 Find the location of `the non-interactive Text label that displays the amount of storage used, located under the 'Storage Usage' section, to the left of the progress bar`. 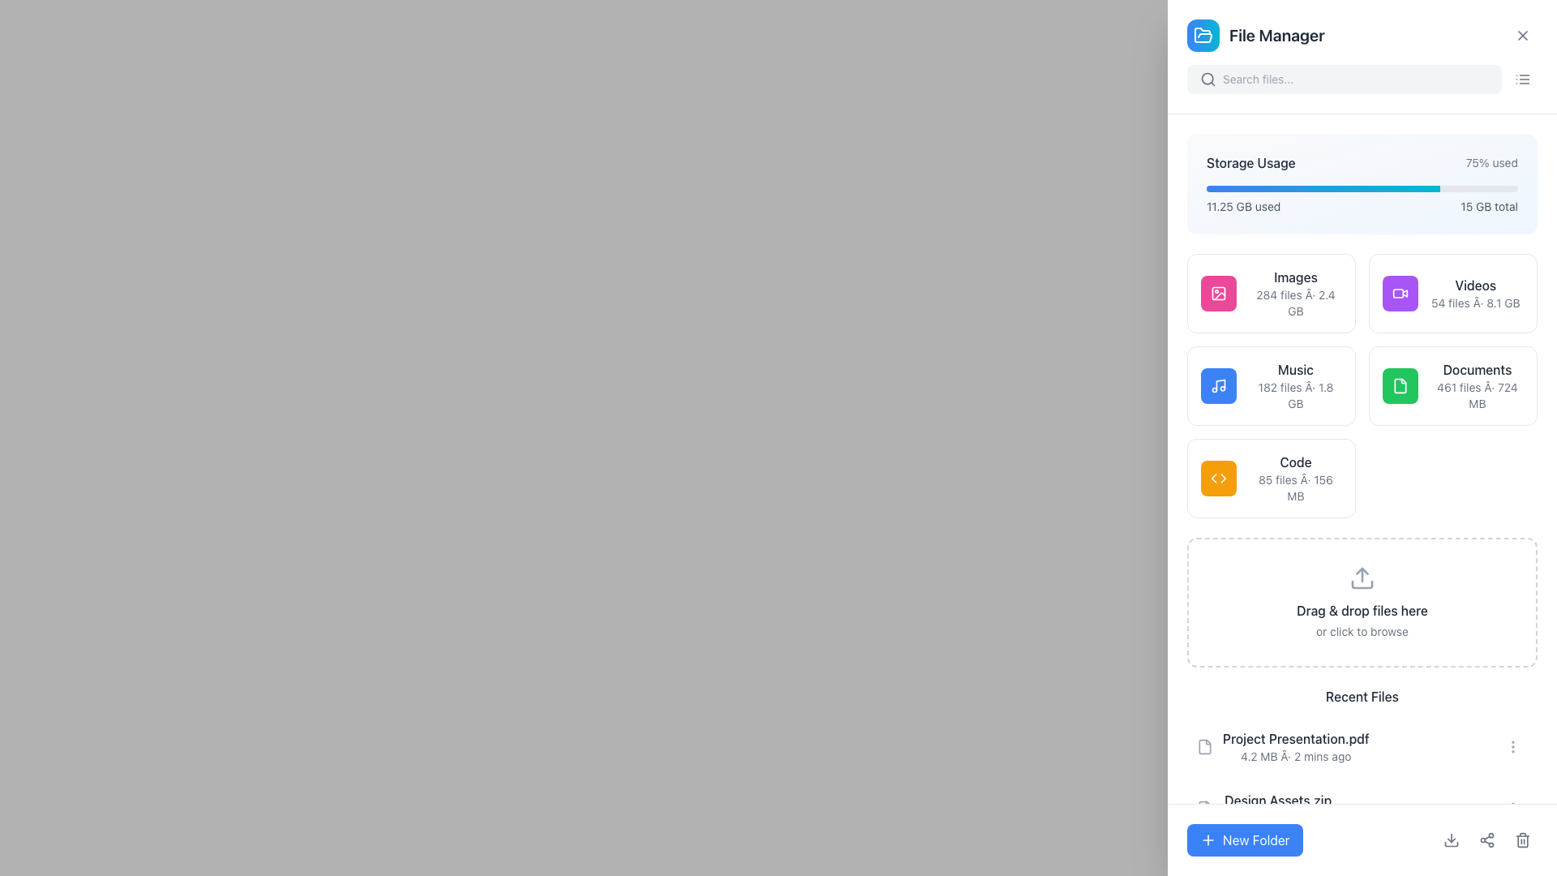

the non-interactive Text label that displays the amount of storage used, located under the 'Storage Usage' section, to the left of the progress bar is located at coordinates (1242, 205).